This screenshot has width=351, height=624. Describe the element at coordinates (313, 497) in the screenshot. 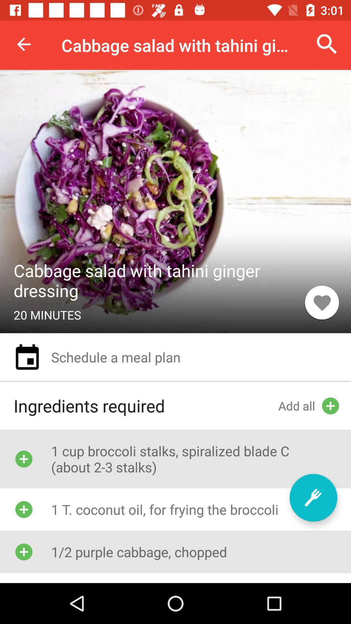

I see `the edit icon` at that location.